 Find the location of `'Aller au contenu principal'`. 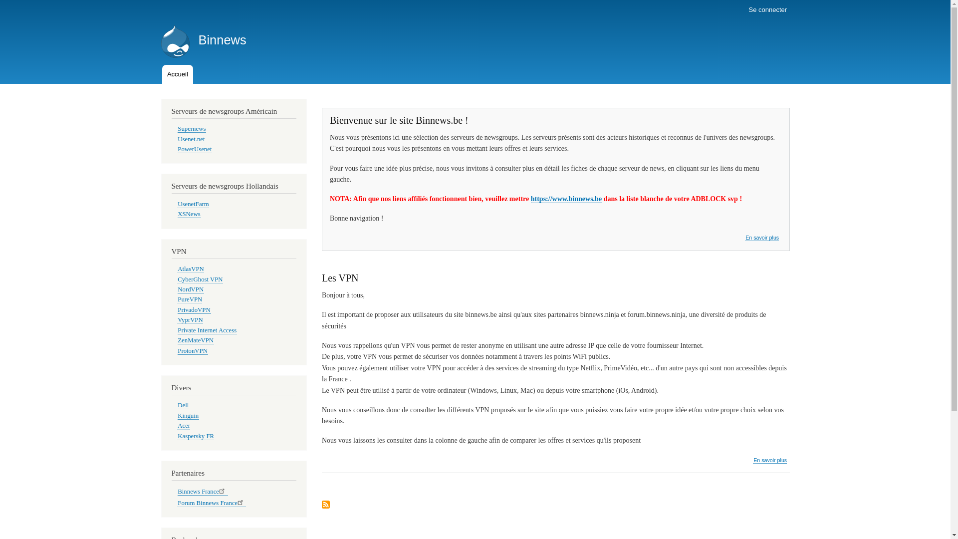

'Aller au contenu principal' is located at coordinates (475, 1).